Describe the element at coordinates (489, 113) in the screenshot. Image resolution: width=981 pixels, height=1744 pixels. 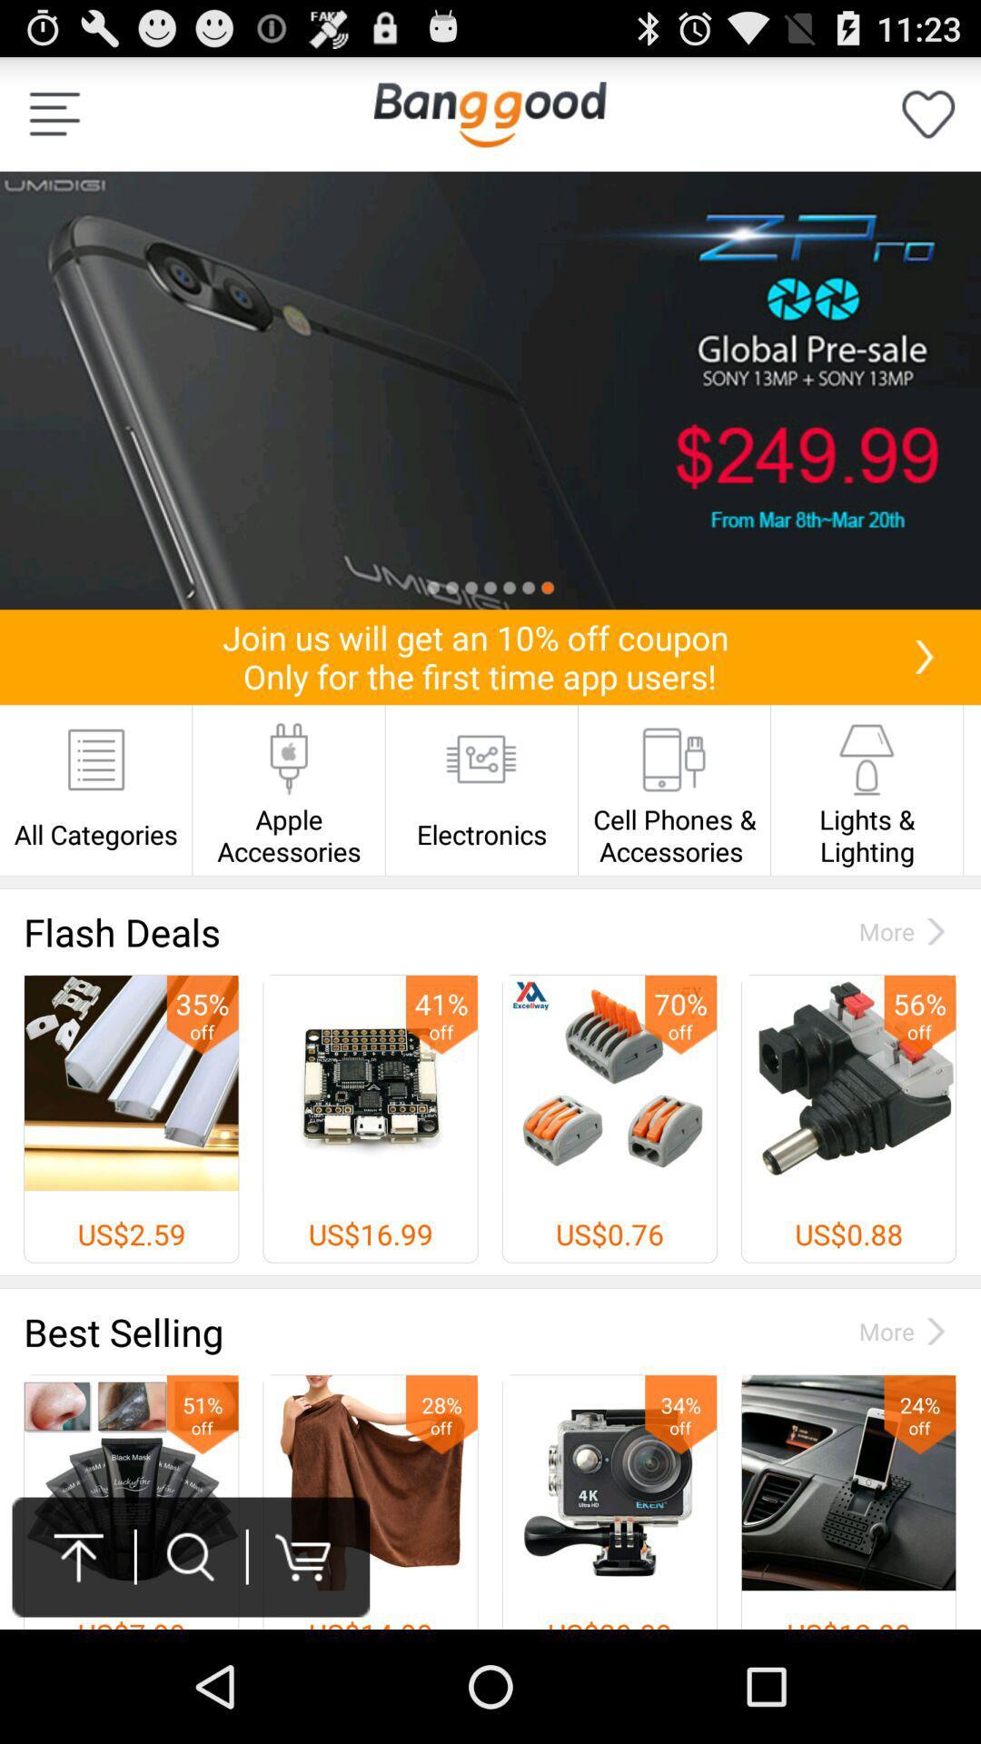
I see `a website` at that location.